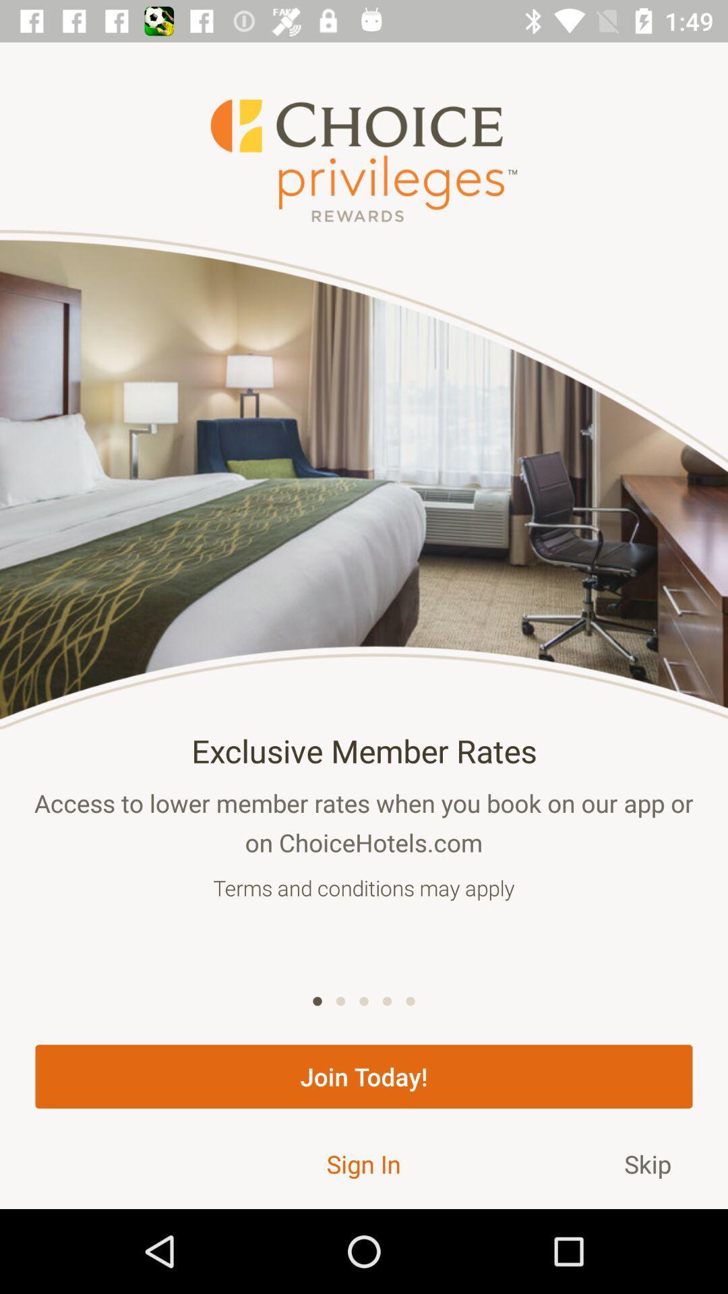 The height and width of the screenshot is (1294, 728). What do you see at coordinates (363, 1163) in the screenshot?
I see `the sign in item` at bounding box center [363, 1163].